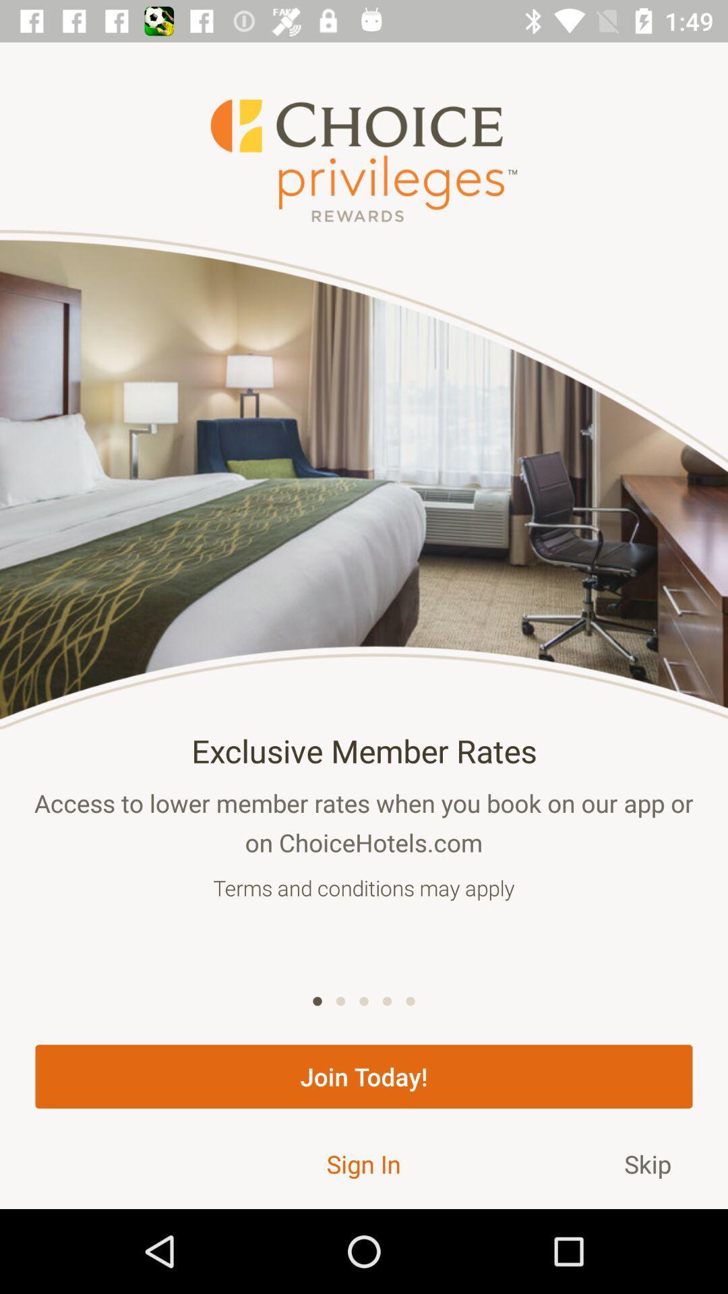 The height and width of the screenshot is (1294, 728). What do you see at coordinates (363, 1163) in the screenshot?
I see `the sign in item` at bounding box center [363, 1163].